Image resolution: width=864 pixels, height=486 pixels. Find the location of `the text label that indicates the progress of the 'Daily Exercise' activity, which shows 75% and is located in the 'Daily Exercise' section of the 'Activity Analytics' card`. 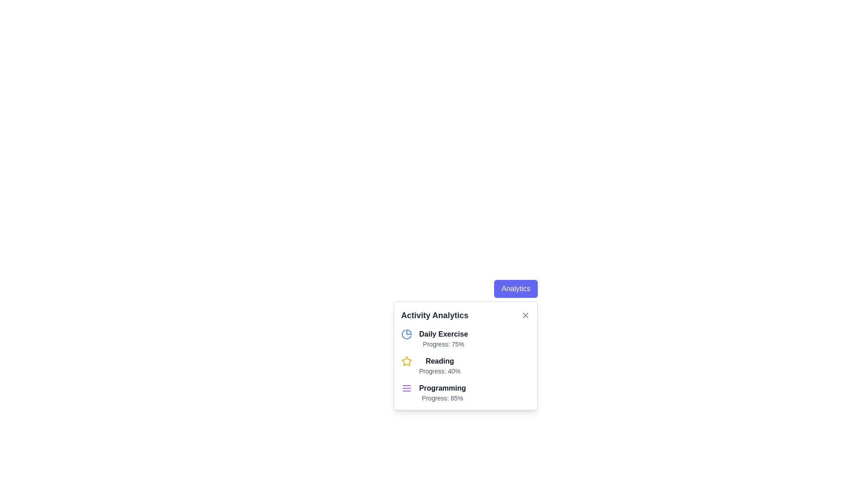

the text label that indicates the progress of the 'Daily Exercise' activity, which shows 75% and is located in the 'Daily Exercise' section of the 'Activity Analytics' card is located at coordinates (443, 344).